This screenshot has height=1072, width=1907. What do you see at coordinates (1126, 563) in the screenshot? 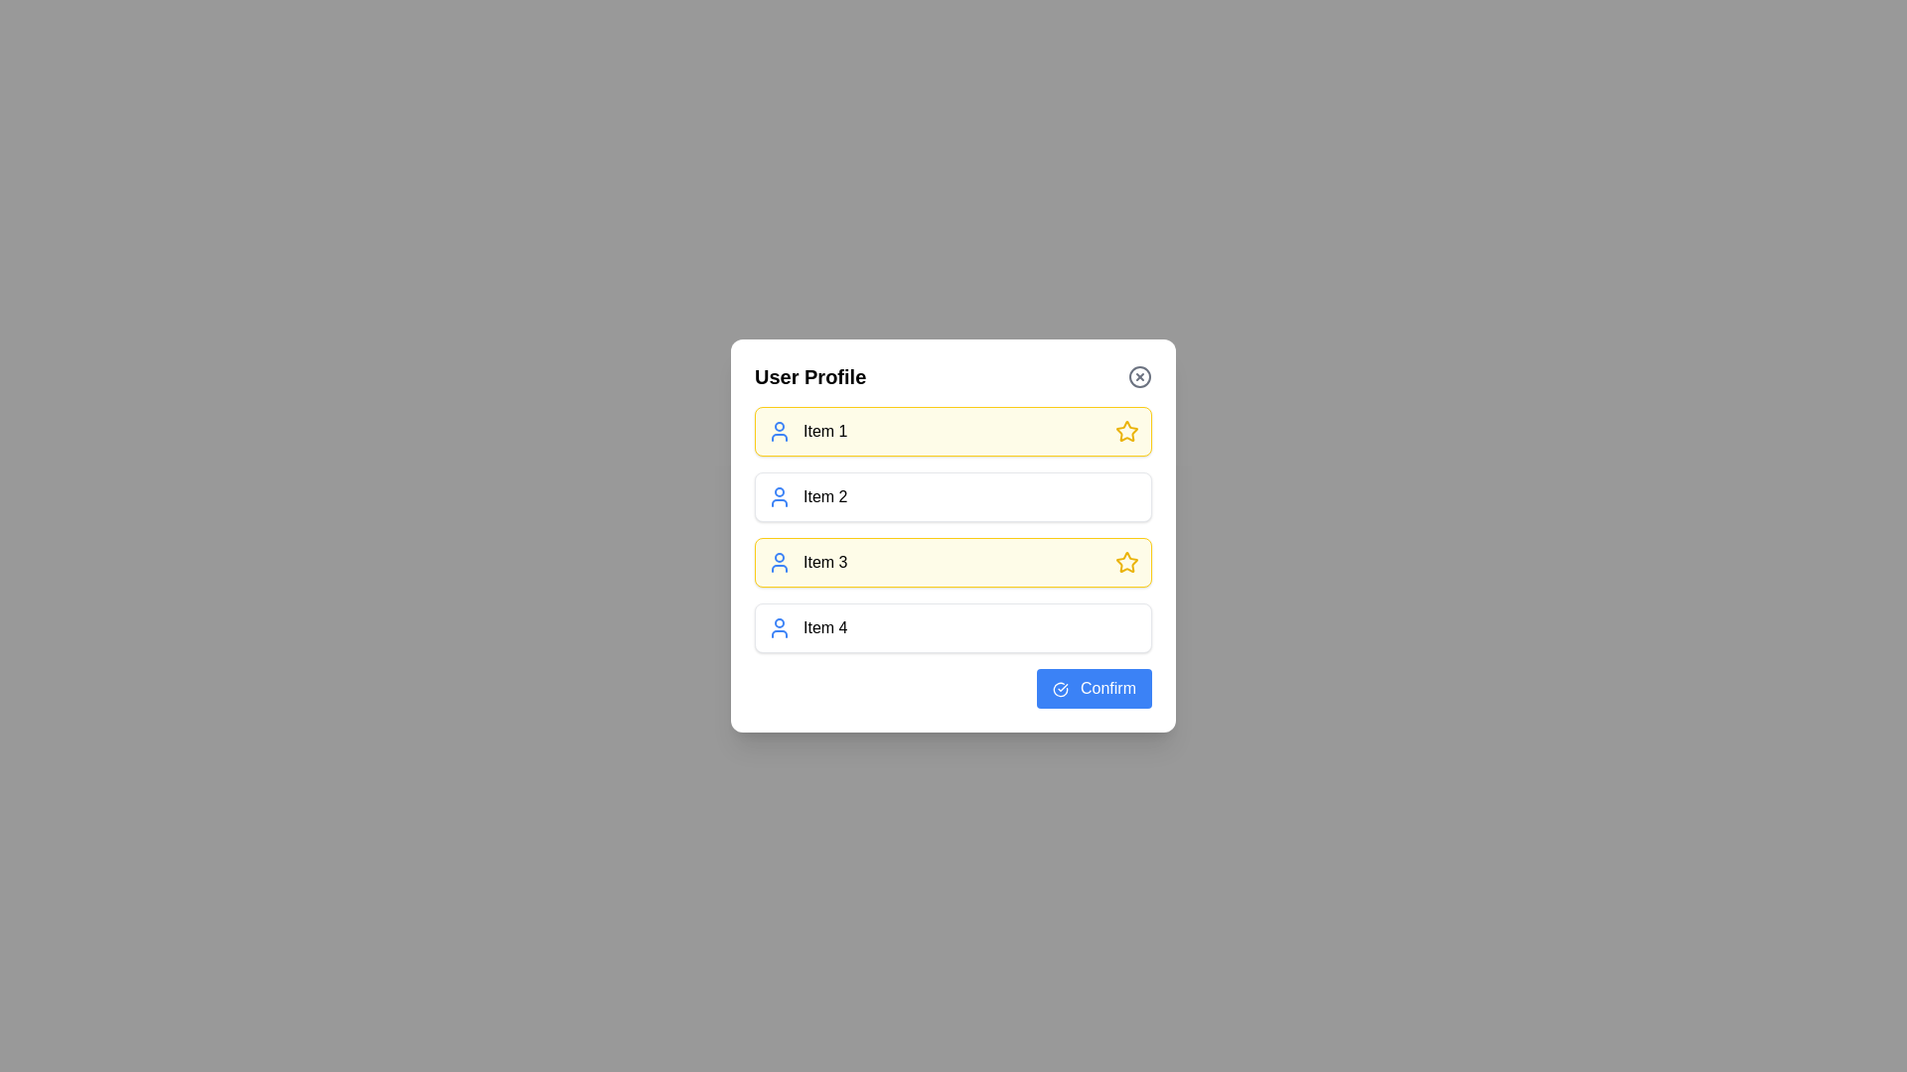
I see `the yellow star icon located at the far right of the entry labeled 'Item 3'` at bounding box center [1126, 563].